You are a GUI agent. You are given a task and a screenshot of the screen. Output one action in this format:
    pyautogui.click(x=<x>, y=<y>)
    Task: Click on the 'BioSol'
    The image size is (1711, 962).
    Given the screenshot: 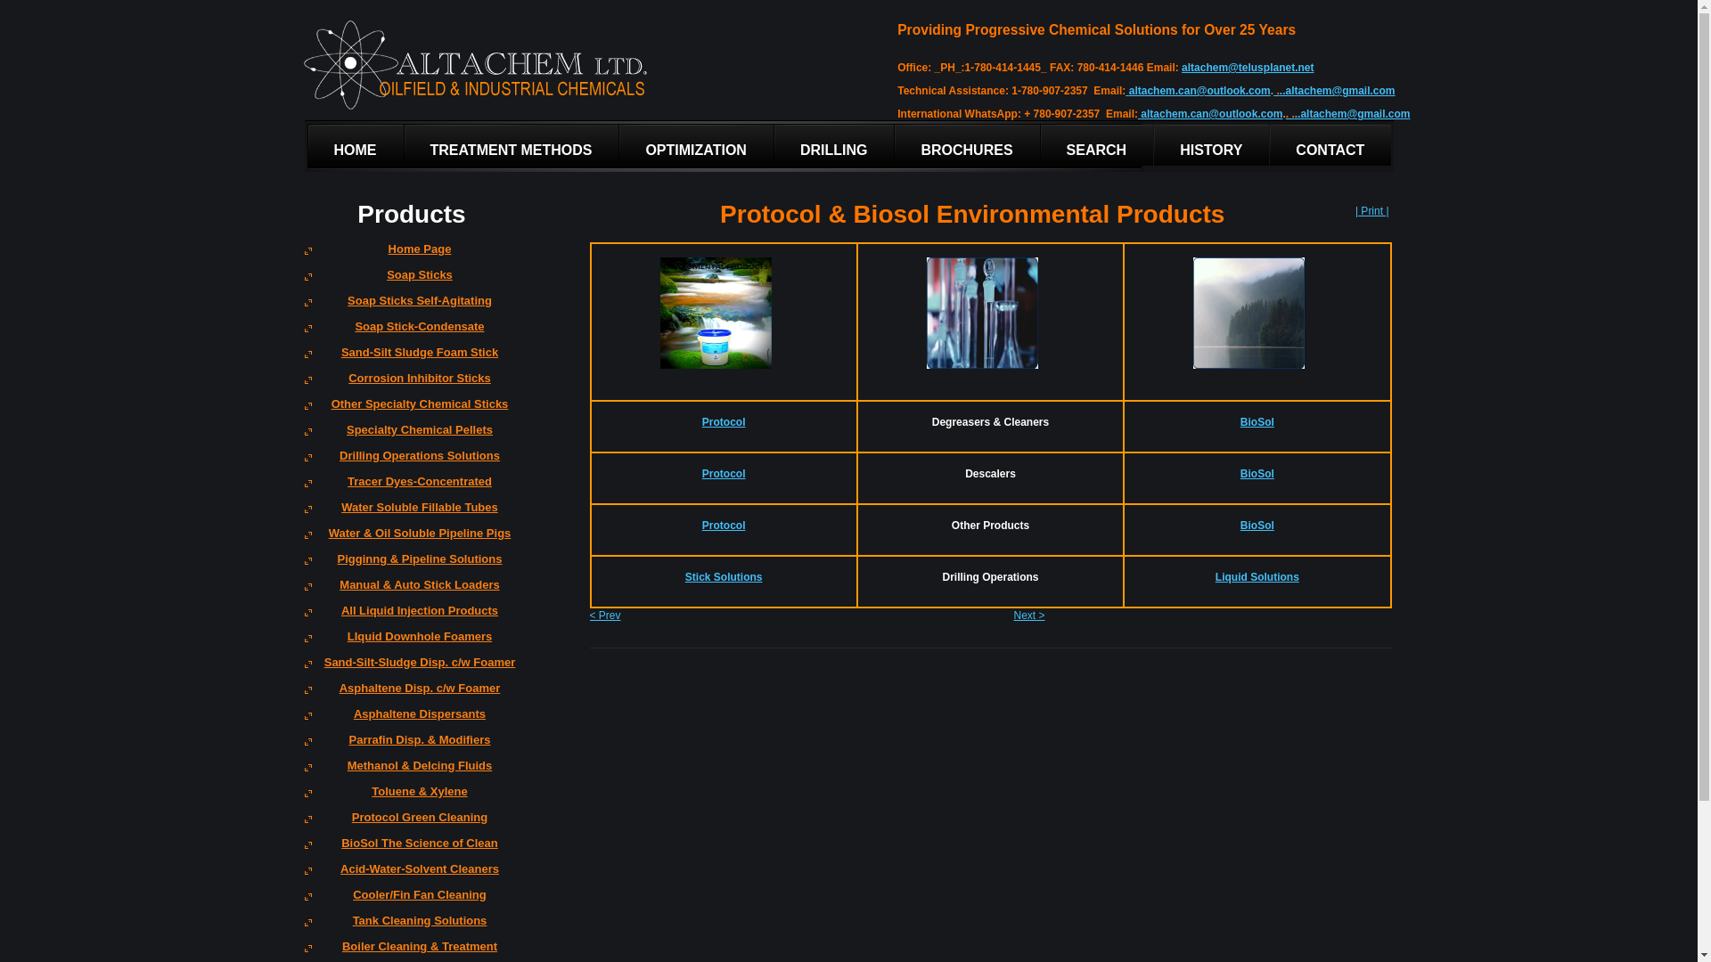 What is the action you would take?
    pyautogui.click(x=1240, y=525)
    